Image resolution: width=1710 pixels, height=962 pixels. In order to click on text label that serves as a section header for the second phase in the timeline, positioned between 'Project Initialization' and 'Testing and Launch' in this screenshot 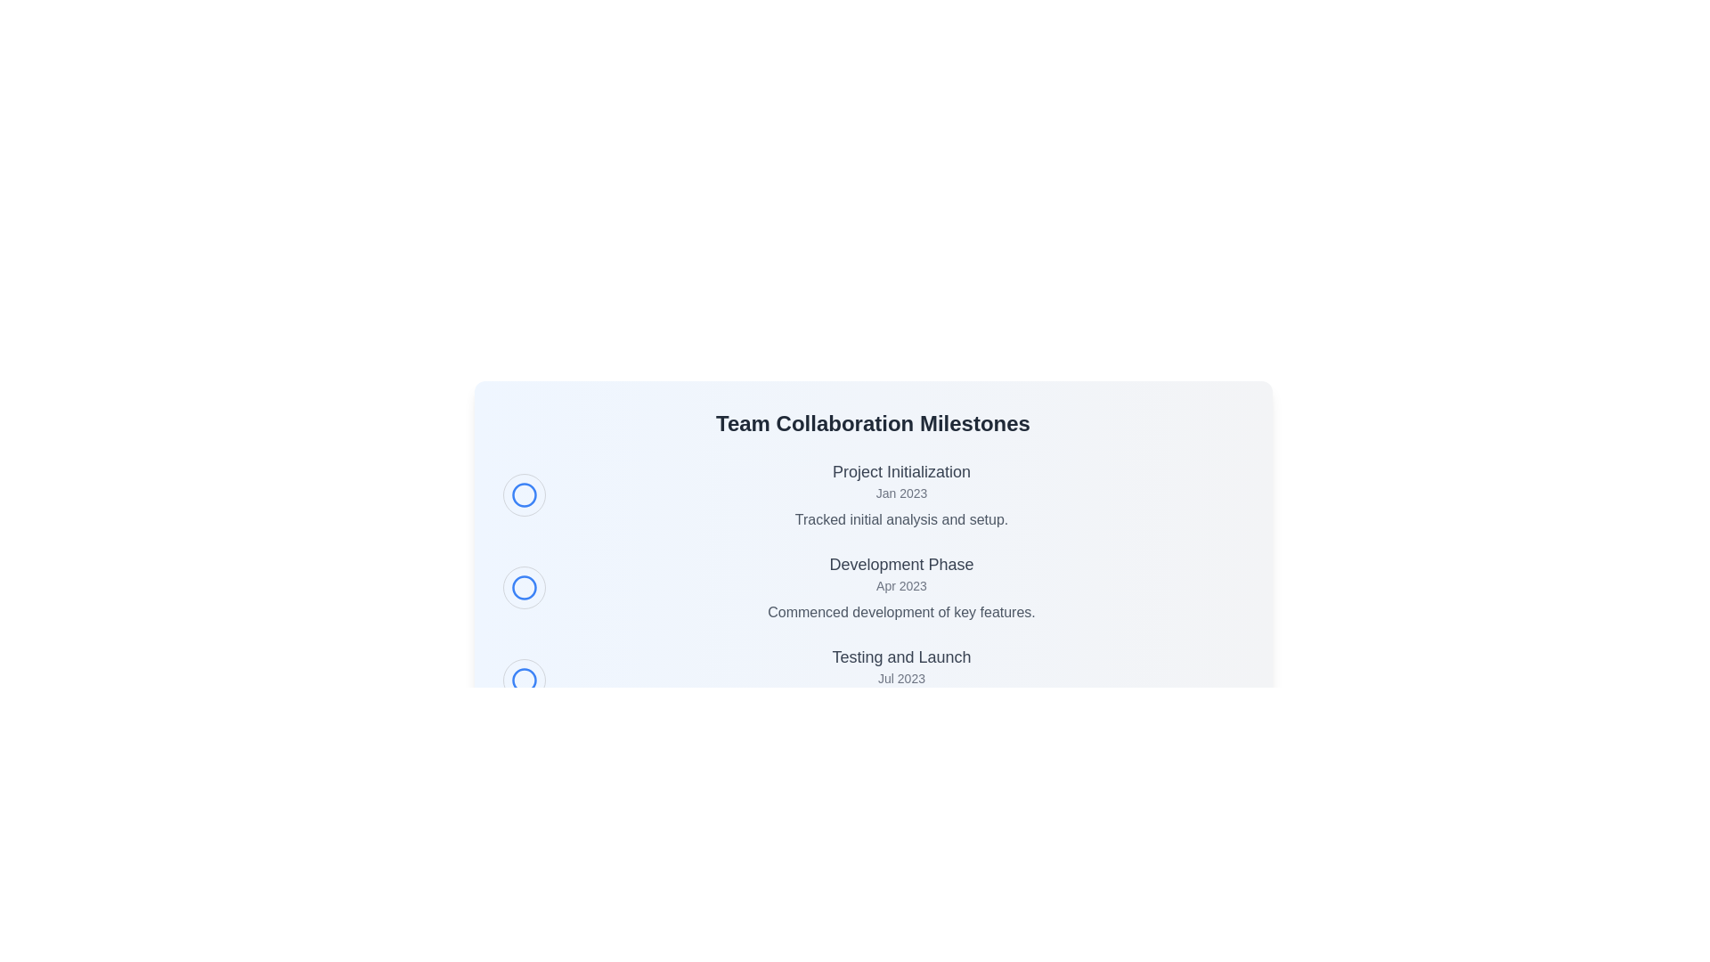, I will do `click(901, 564)`.